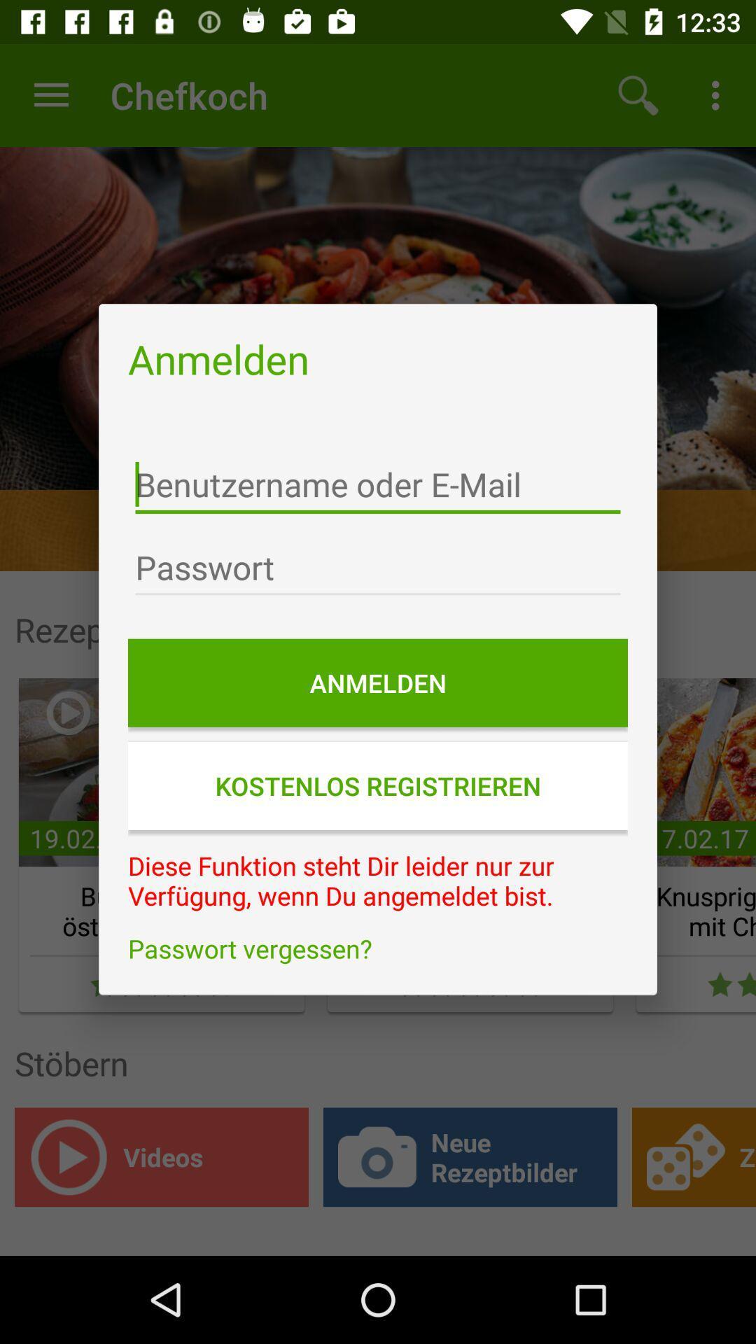 This screenshot has height=1344, width=756. What do you see at coordinates (378, 568) in the screenshot?
I see `password` at bounding box center [378, 568].